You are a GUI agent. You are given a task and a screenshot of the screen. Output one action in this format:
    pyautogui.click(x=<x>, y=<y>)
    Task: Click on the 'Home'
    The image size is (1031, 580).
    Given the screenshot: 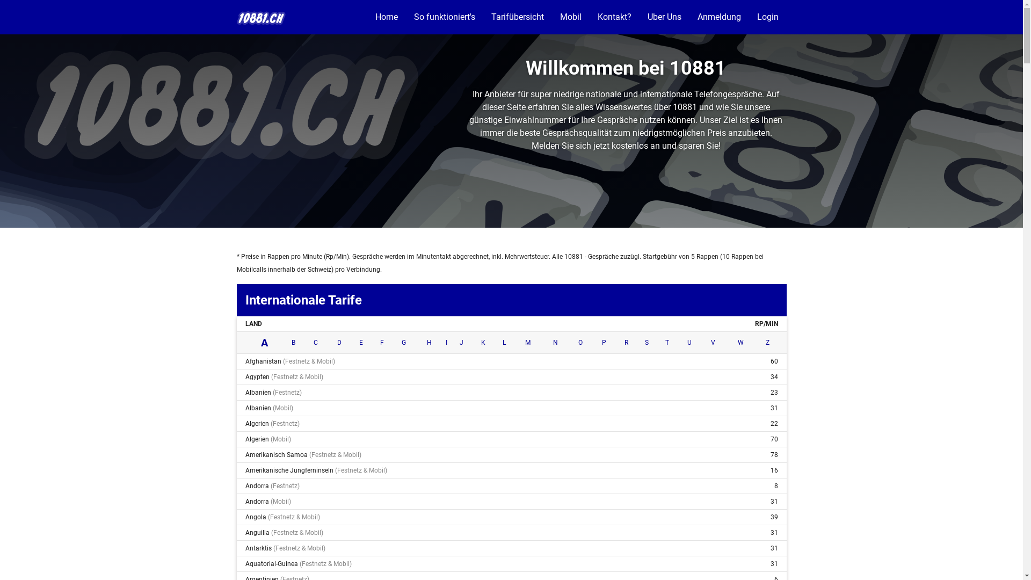 What is the action you would take?
    pyautogui.click(x=387, y=17)
    